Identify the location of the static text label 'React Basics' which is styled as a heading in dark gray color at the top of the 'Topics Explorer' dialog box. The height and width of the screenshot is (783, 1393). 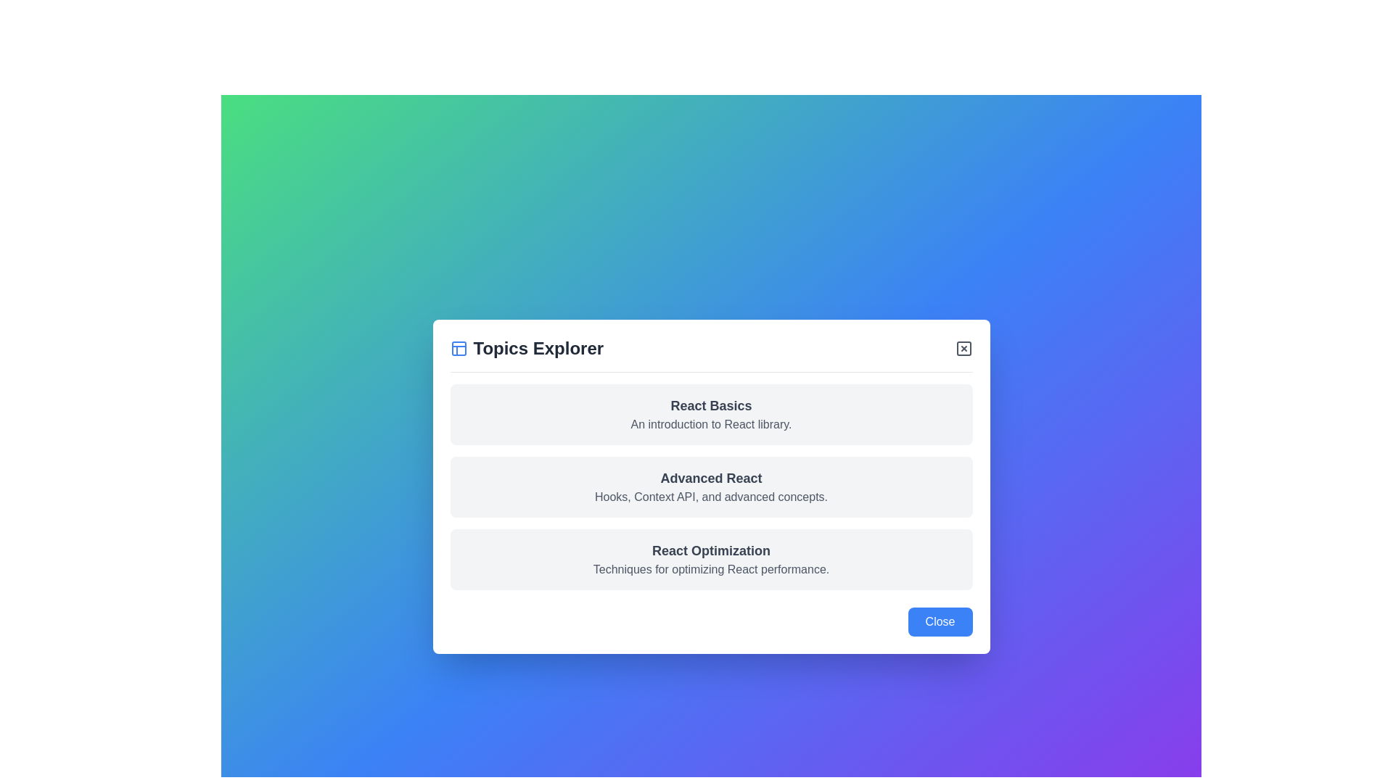
(711, 405).